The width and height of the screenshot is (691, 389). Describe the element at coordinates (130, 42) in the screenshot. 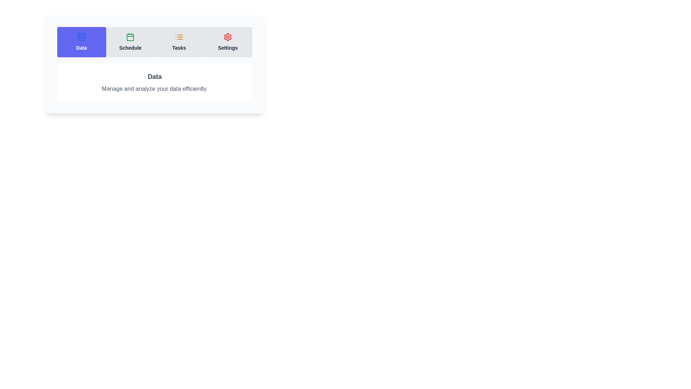

I see `the tab labeled Schedule to view its content` at that location.